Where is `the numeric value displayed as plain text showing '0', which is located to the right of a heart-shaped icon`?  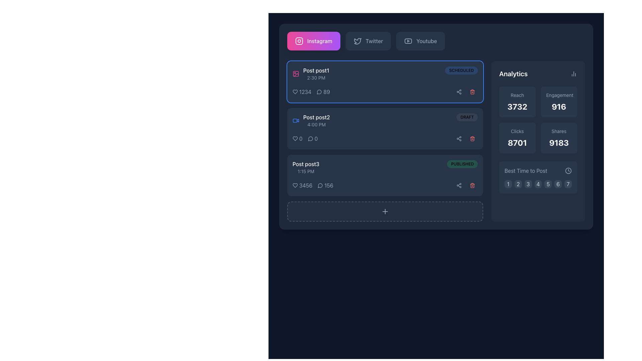 the numeric value displayed as plain text showing '0', which is located to the right of a heart-shaped icon is located at coordinates (300, 138).